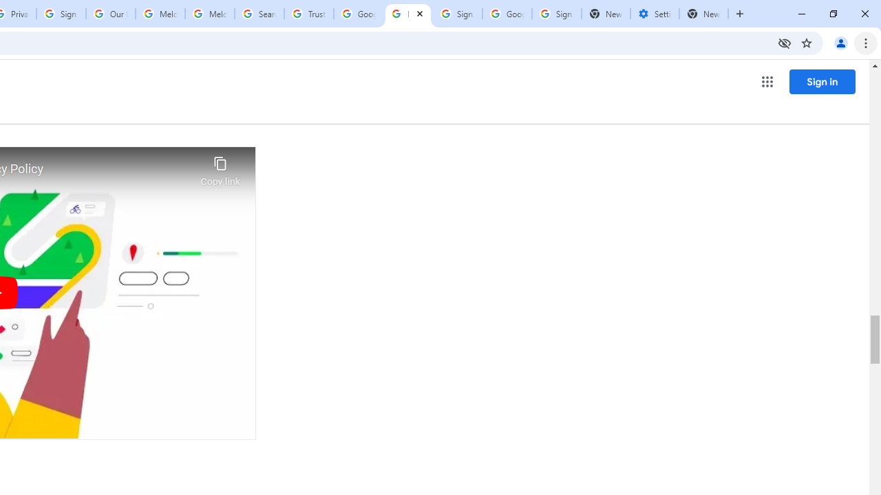 This screenshot has height=495, width=881. I want to click on 'Trusted Information and Content - Google Safety Center', so click(308, 14).